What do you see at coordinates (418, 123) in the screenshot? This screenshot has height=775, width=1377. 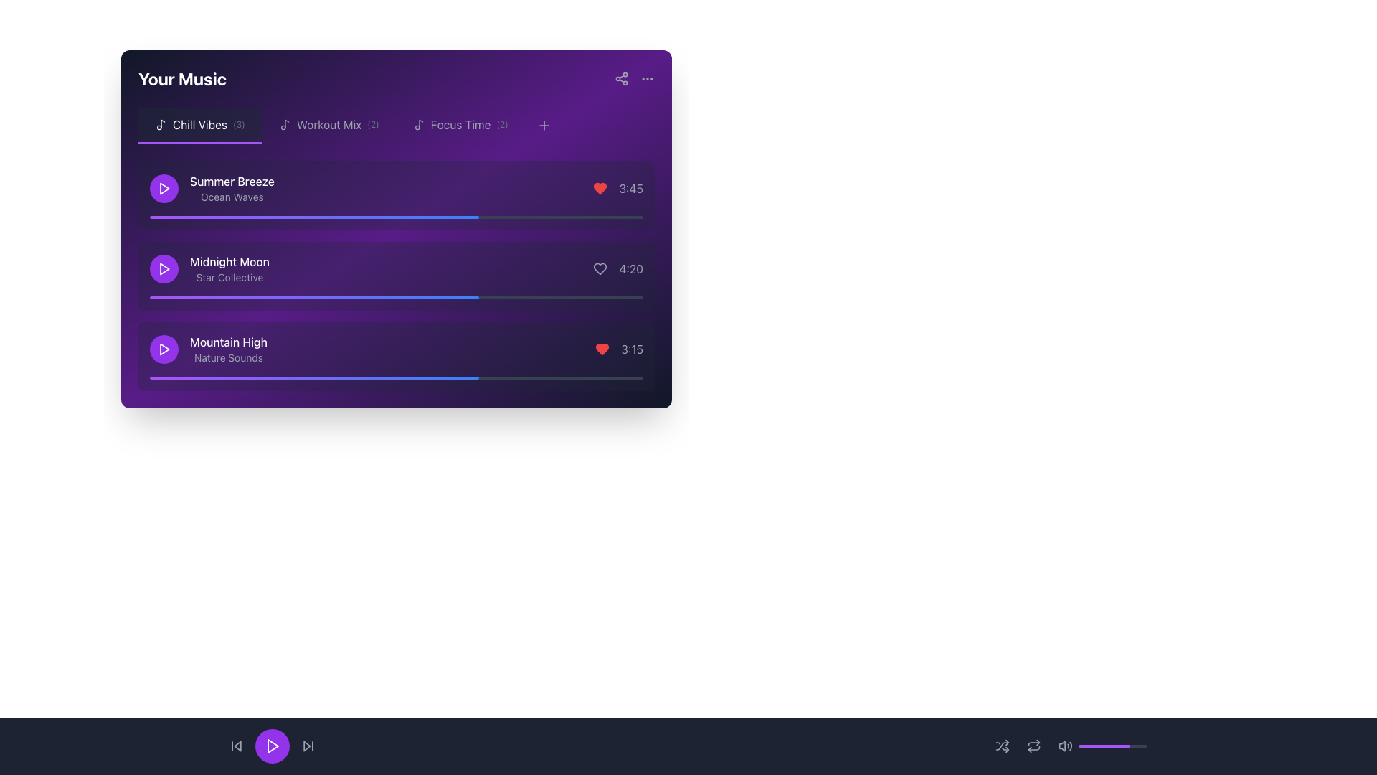 I see `the small musical note icon located in the 'Focus Time (2)' section, to the left of the 'Focus Time' title text, which features a clean and modern design` at bounding box center [418, 123].